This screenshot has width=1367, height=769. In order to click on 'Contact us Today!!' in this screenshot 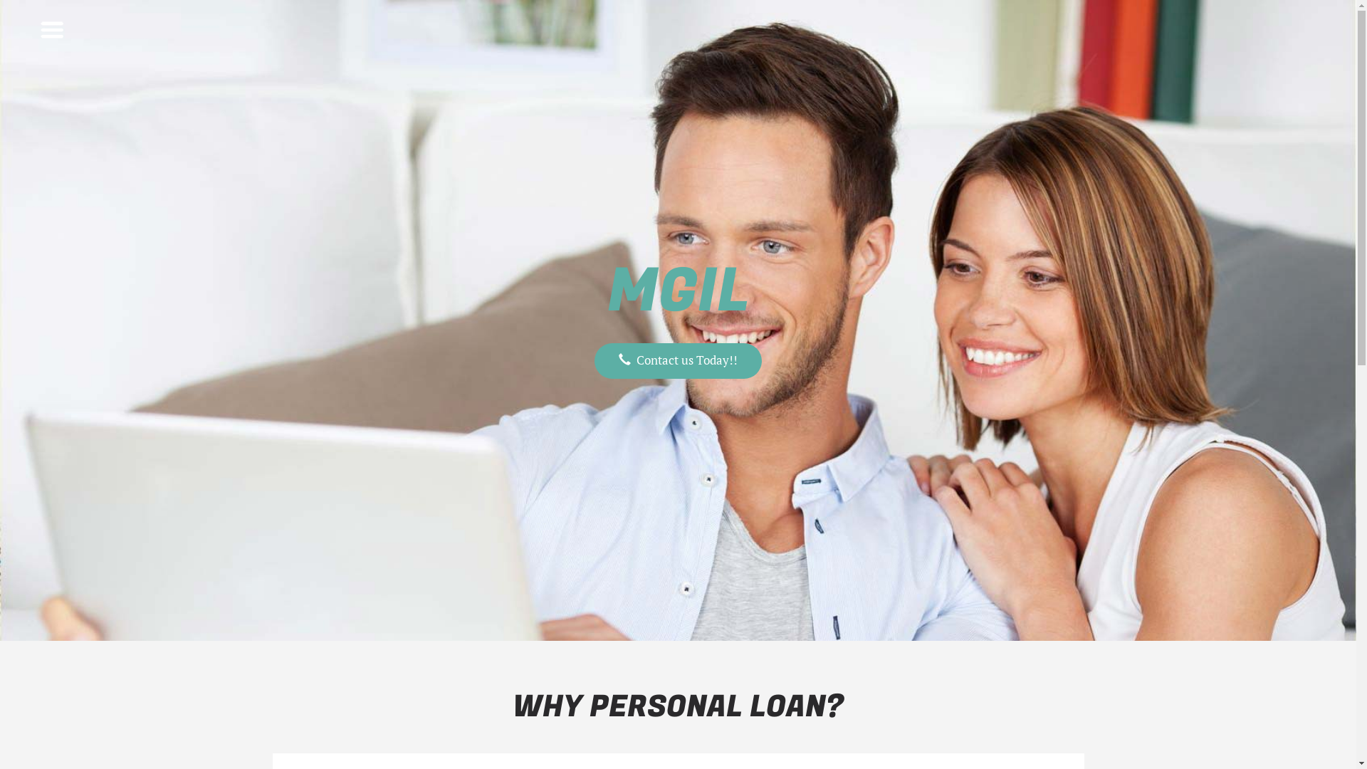, I will do `click(677, 360)`.